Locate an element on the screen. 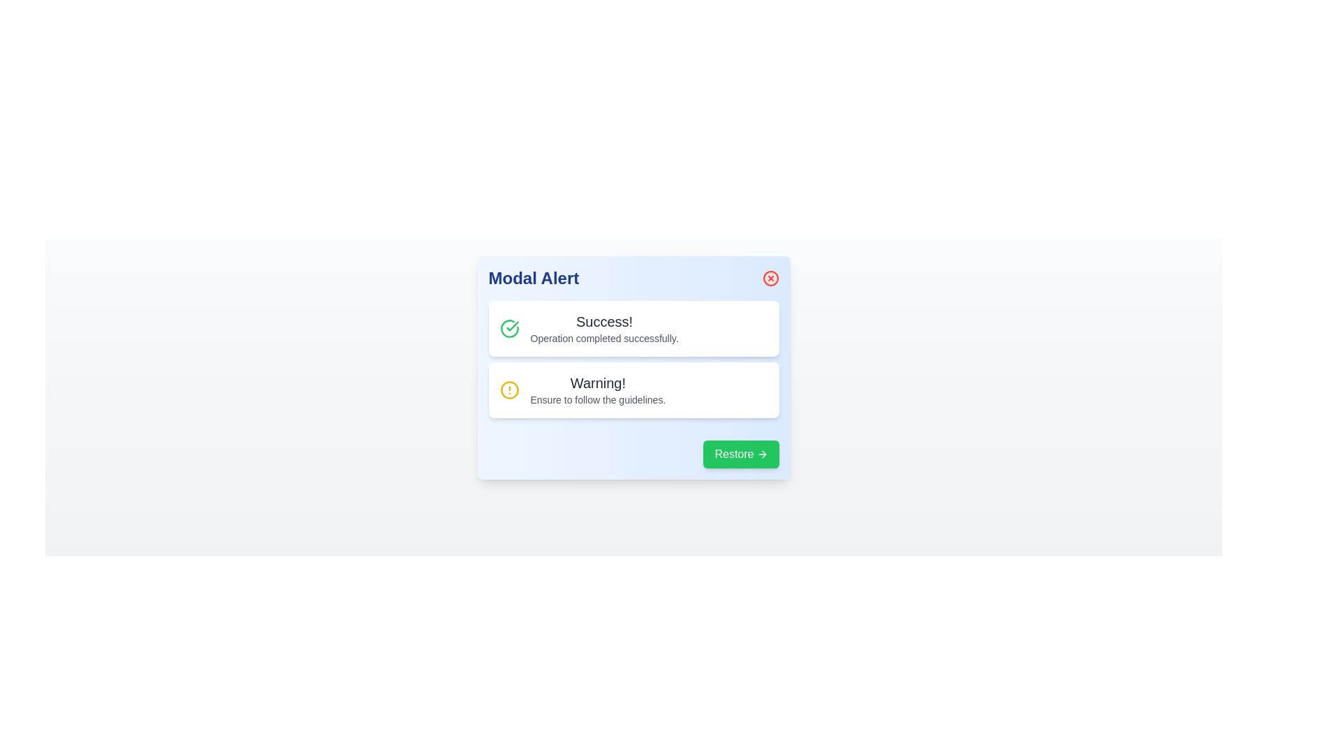 The image size is (1341, 754). the success checkmark icon located in the first row of the message panel, to the left of the text 'Success! Operation completed successfully.' is located at coordinates (508, 328).